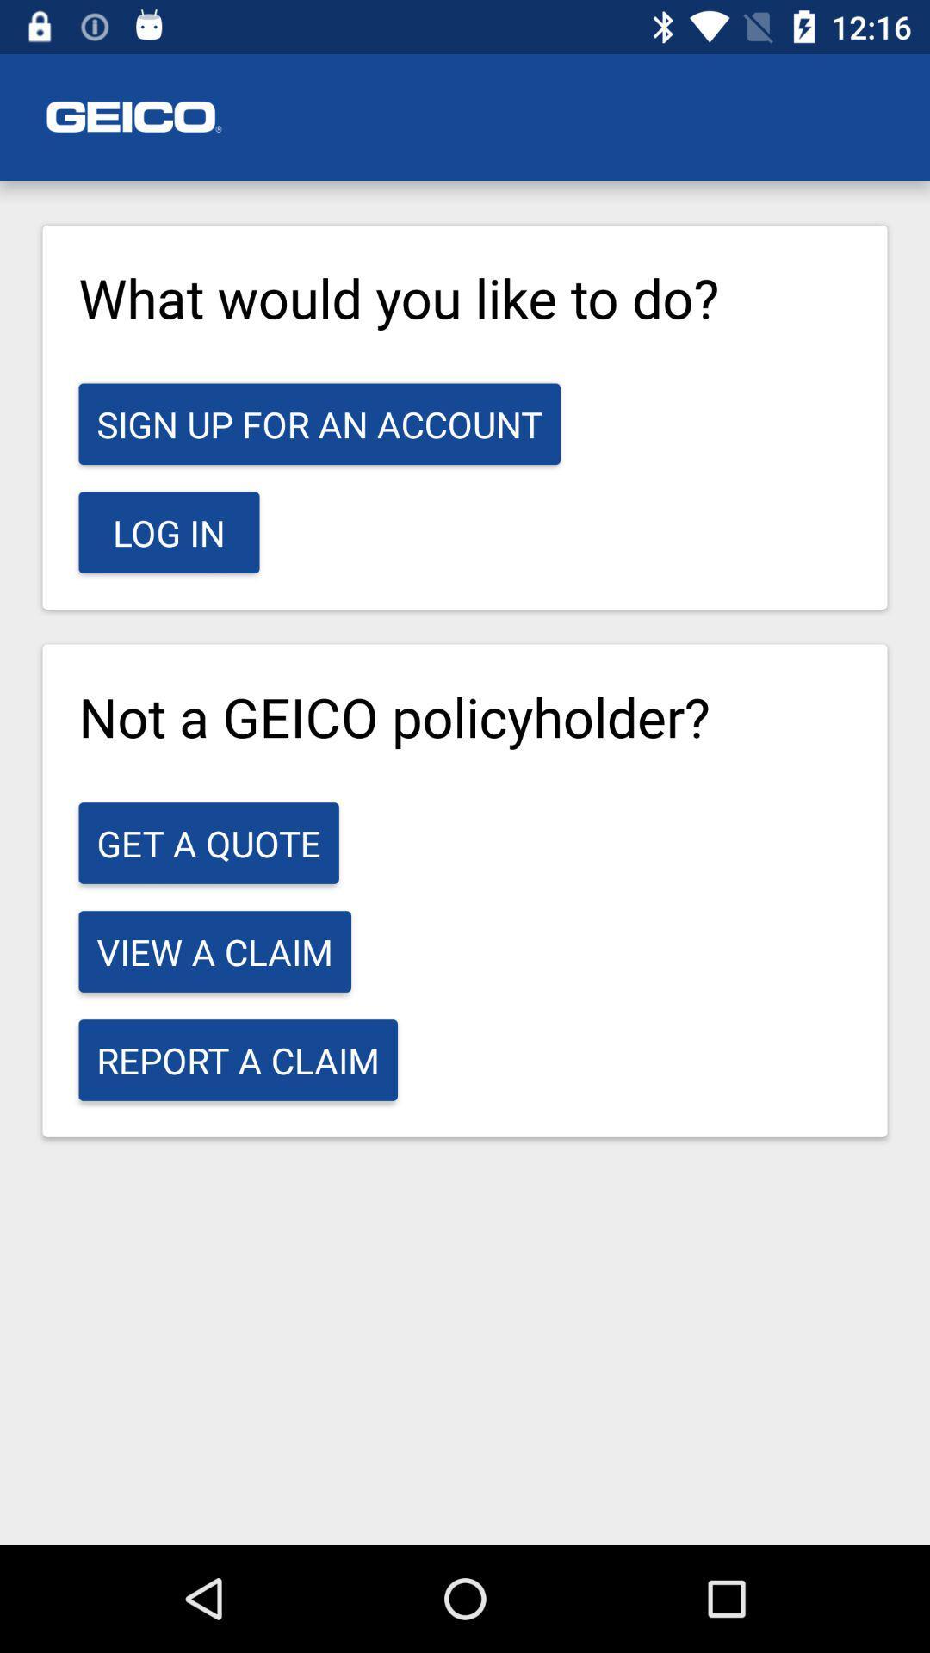 The image size is (930, 1653). Describe the element at coordinates (208, 843) in the screenshot. I see `the get a quote` at that location.